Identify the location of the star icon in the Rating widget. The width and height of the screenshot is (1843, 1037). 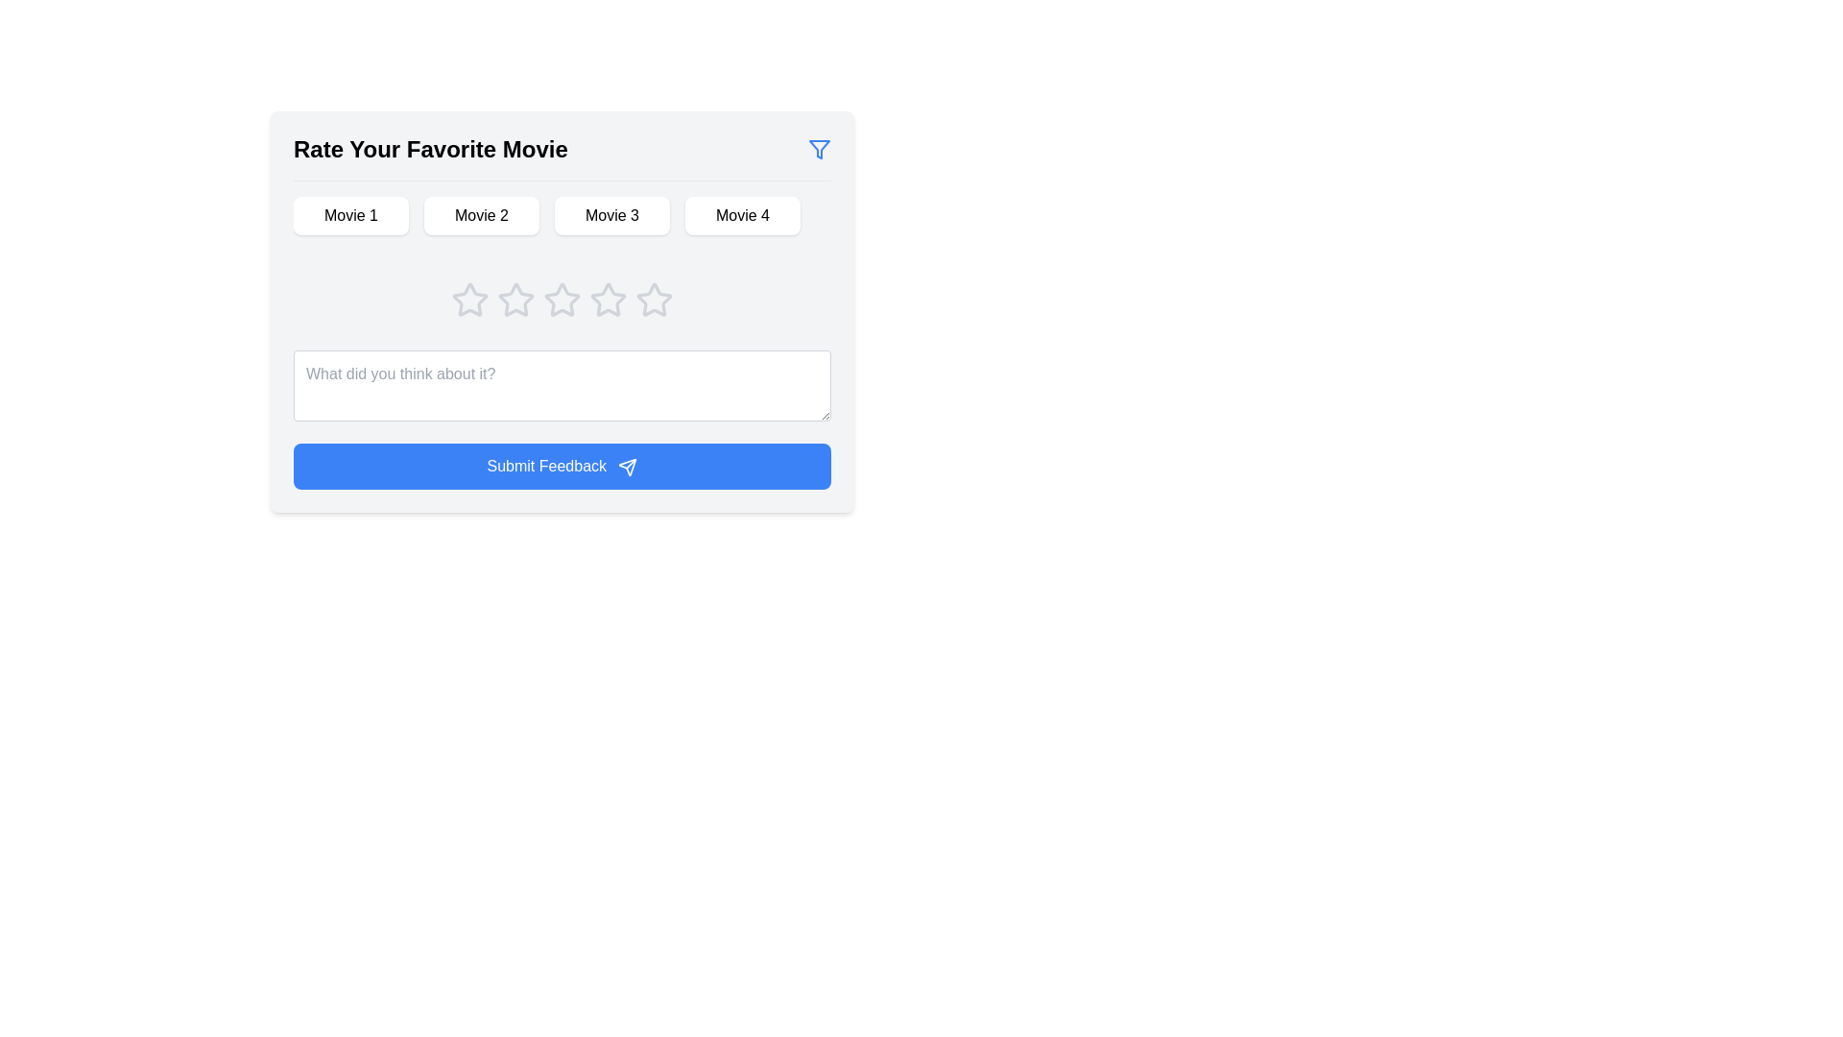
(561, 300).